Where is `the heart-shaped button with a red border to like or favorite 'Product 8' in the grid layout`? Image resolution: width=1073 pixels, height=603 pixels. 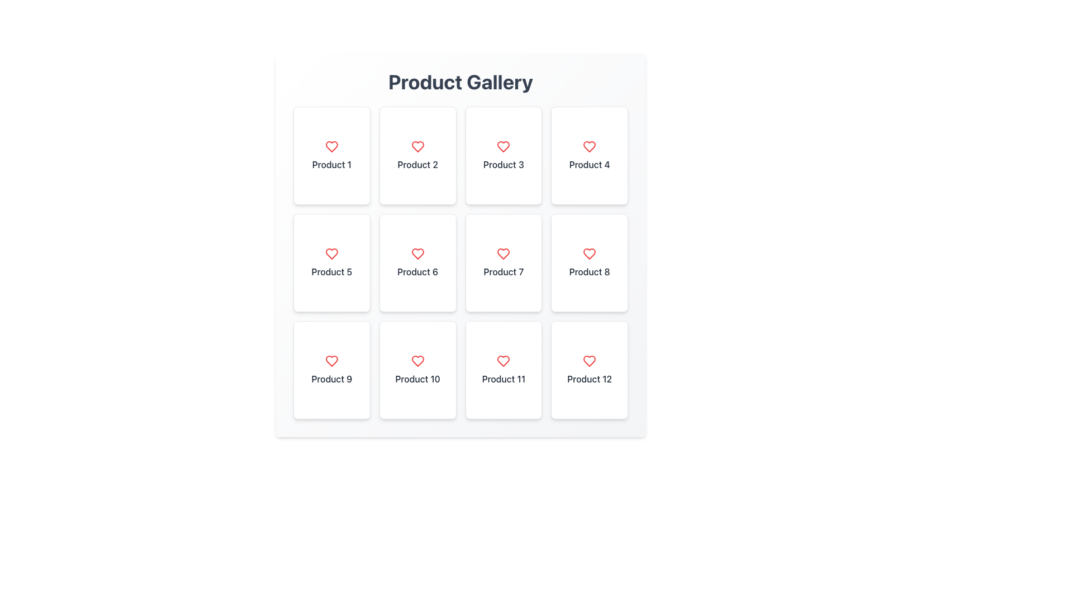
the heart-shaped button with a red border to like or favorite 'Product 8' in the grid layout is located at coordinates (589, 254).